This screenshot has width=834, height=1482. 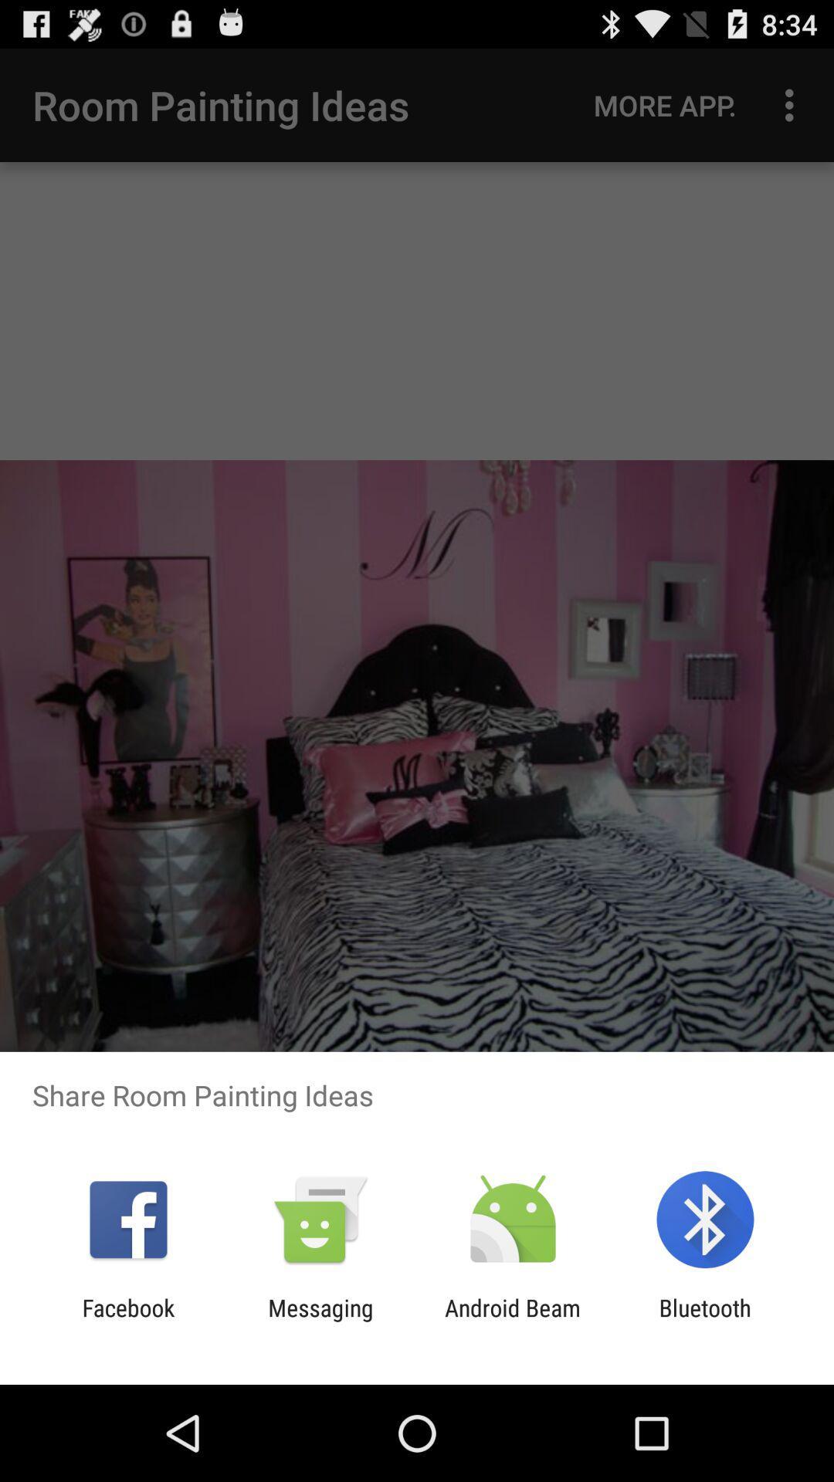 I want to click on item to the right of the messaging icon, so click(x=513, y=1321).